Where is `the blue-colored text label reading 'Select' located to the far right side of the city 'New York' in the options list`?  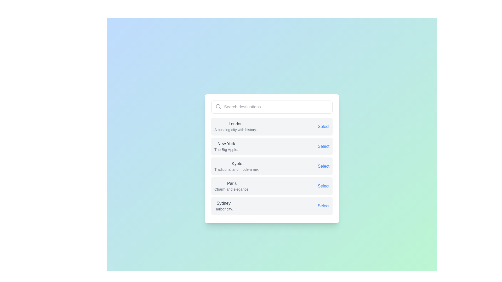
the blue-colored text label reading 'Select' located to the far right side of the city 'New York' in the options list is located at coordinates (323, 146).